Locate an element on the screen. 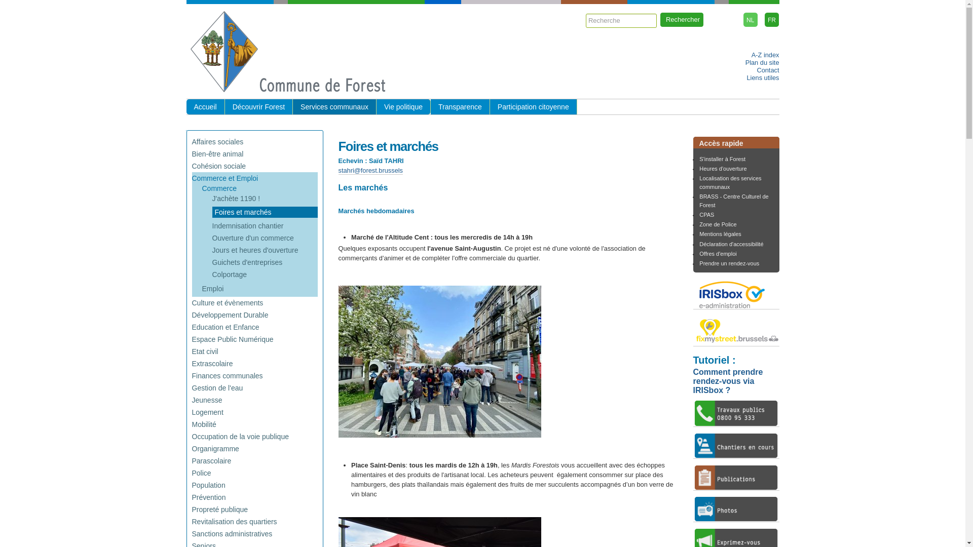 This screenshot has width=973, height=547. 'Nederlands' is located at coordinates (751, 19).